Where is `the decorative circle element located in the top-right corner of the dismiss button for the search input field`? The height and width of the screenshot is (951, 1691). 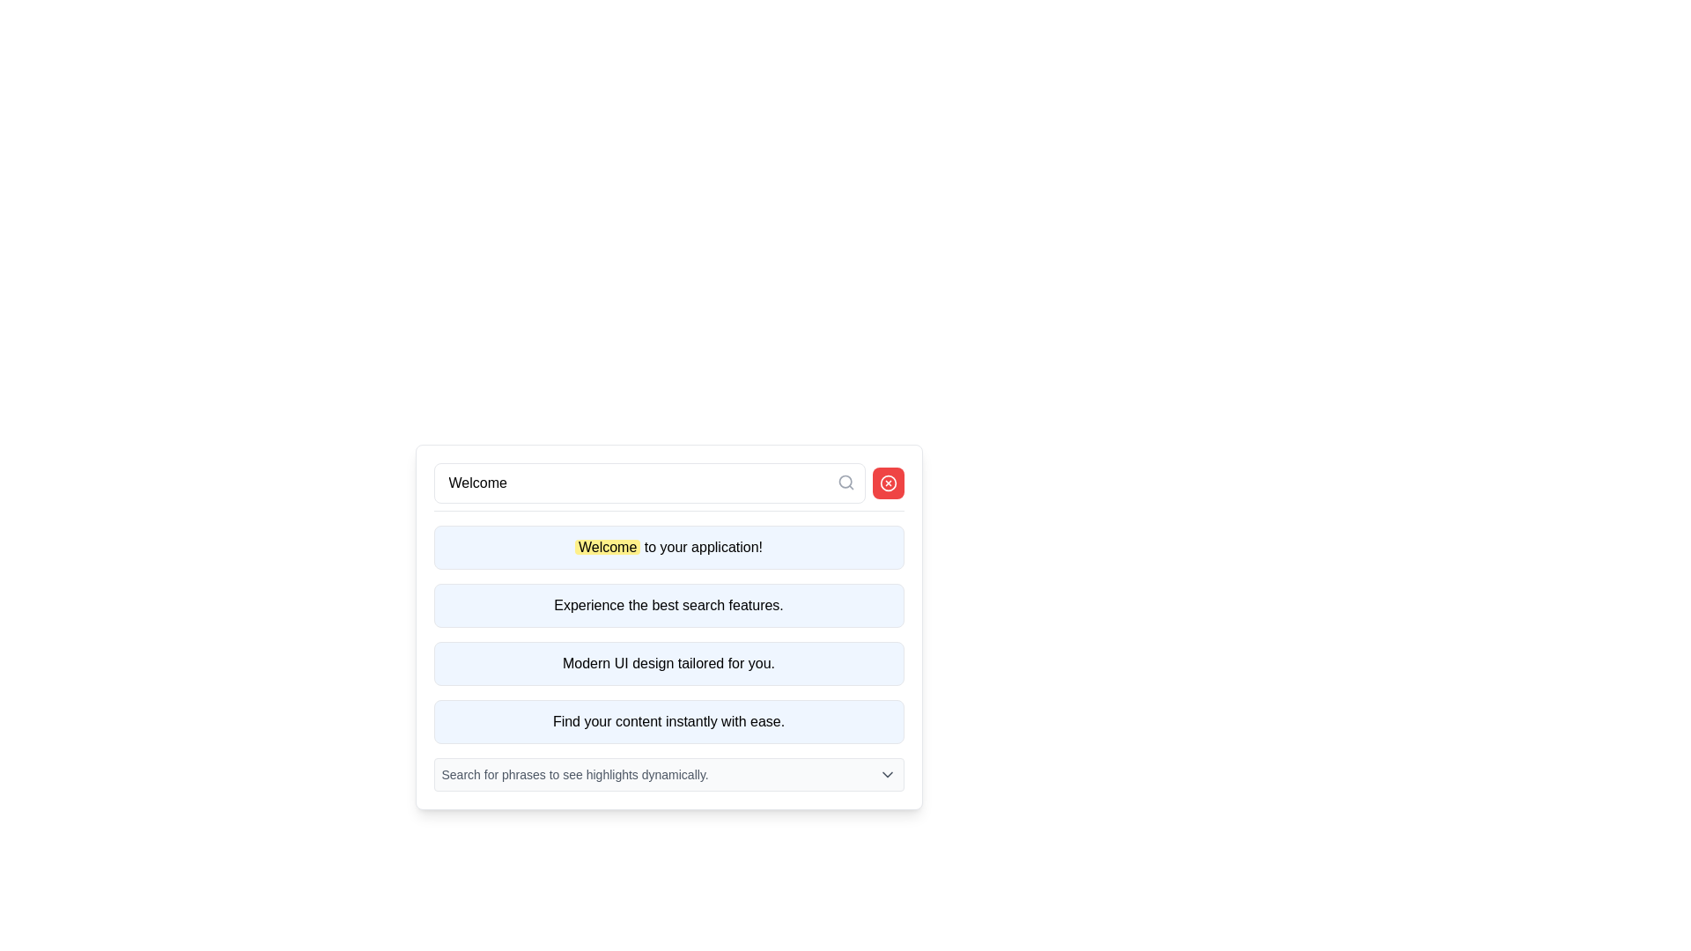 the decorative circle element located in the top-right corner of the dismiss button for the search input field is located at coordinates (888, 483).